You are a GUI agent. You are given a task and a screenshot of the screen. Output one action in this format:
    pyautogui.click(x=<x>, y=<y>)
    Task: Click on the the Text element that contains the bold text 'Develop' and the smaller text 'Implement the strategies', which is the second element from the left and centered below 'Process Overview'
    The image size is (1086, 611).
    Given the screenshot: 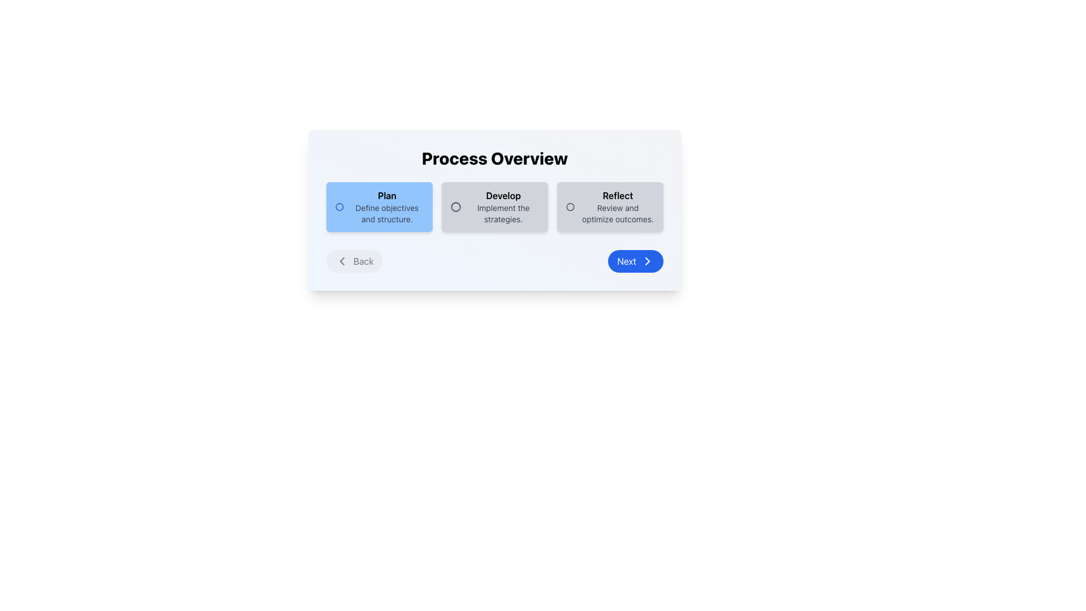 What is the action you would take?
    pyautogui.click(x=503, y=207)
    